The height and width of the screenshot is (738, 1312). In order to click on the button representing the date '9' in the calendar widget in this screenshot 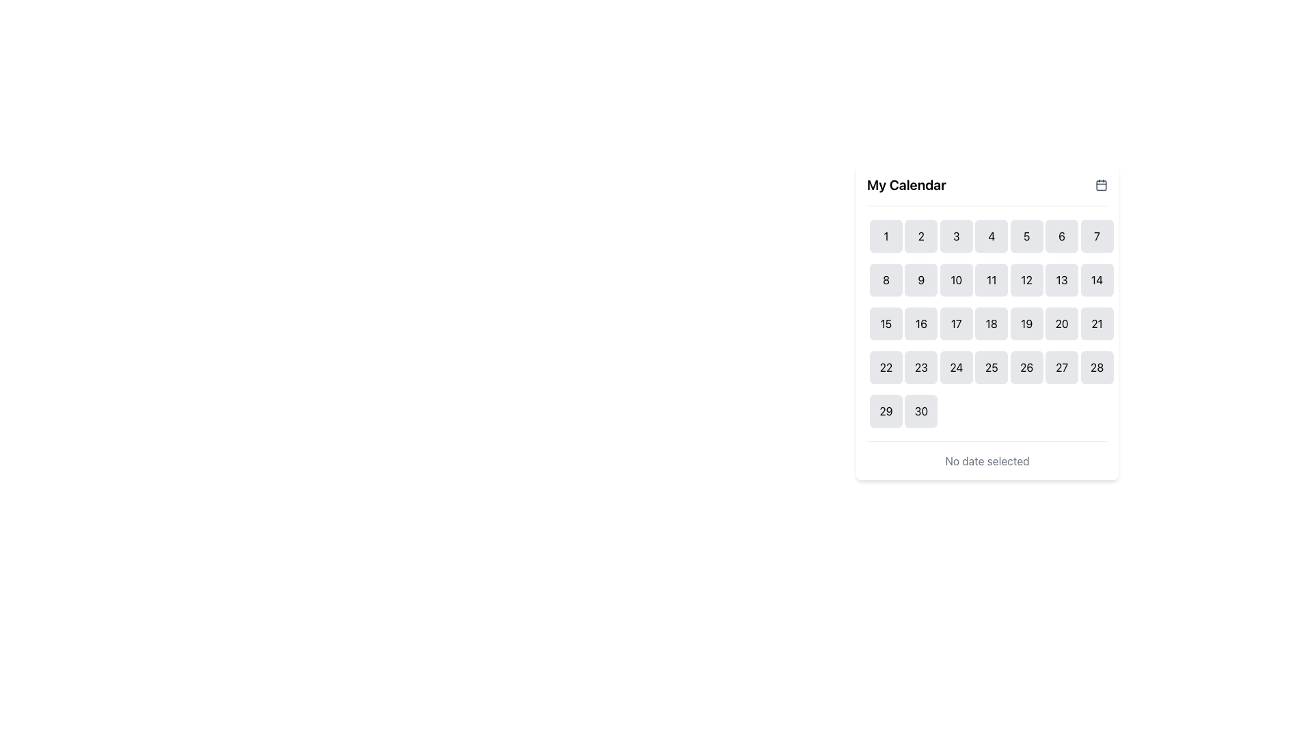, I will do `click(921, 279)`.